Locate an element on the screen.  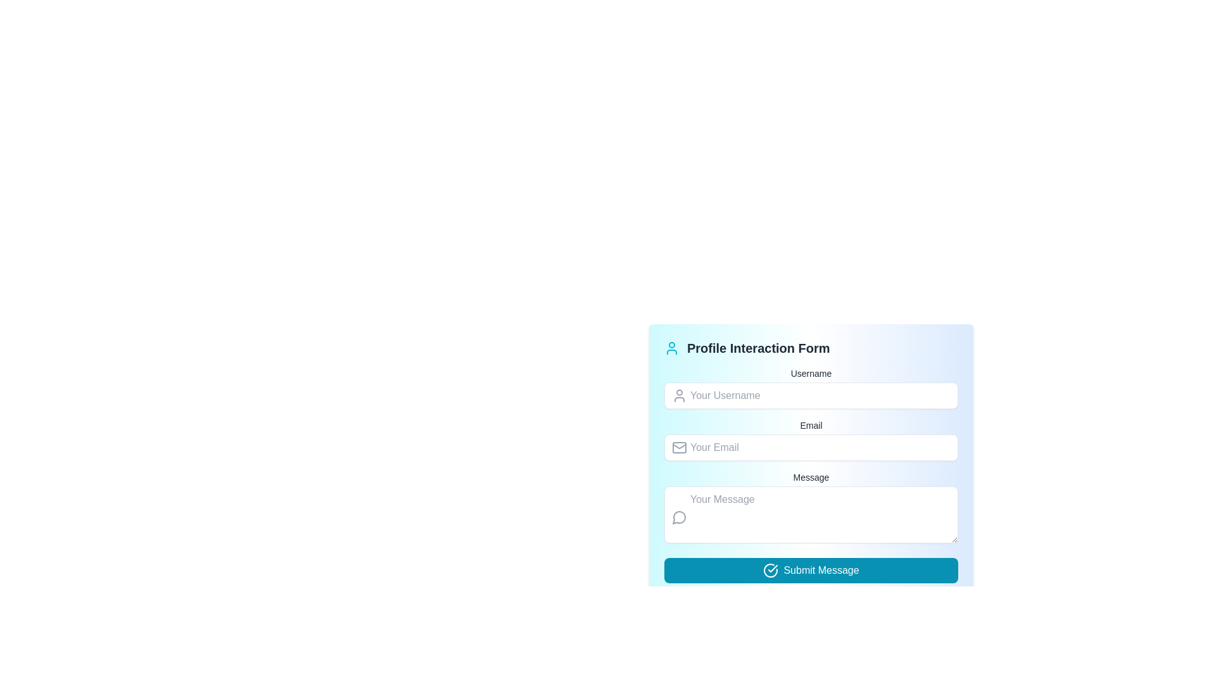
the chat or message bubble icon, which is gray in color and has a minimalist design, located to the left of the 'Your Message' text input field is located at coordinates (679, 517).